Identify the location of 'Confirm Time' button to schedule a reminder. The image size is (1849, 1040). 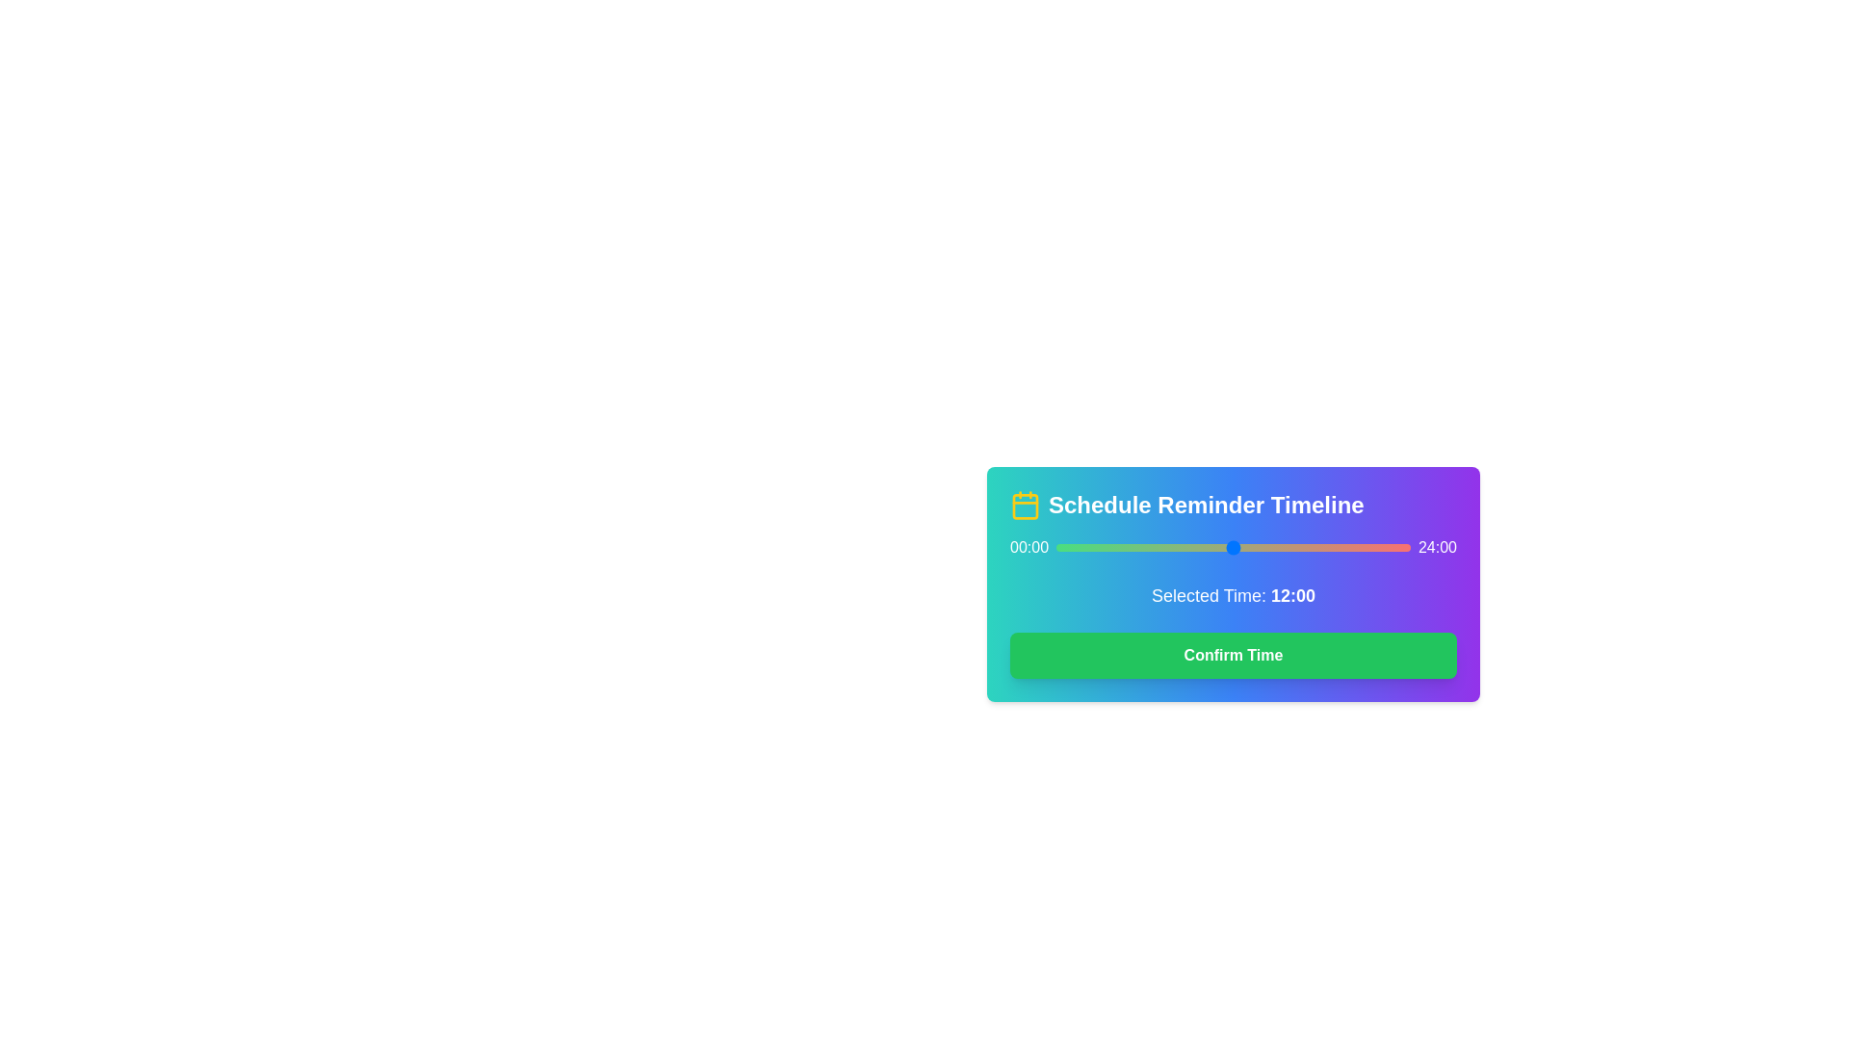
(1234, 655).